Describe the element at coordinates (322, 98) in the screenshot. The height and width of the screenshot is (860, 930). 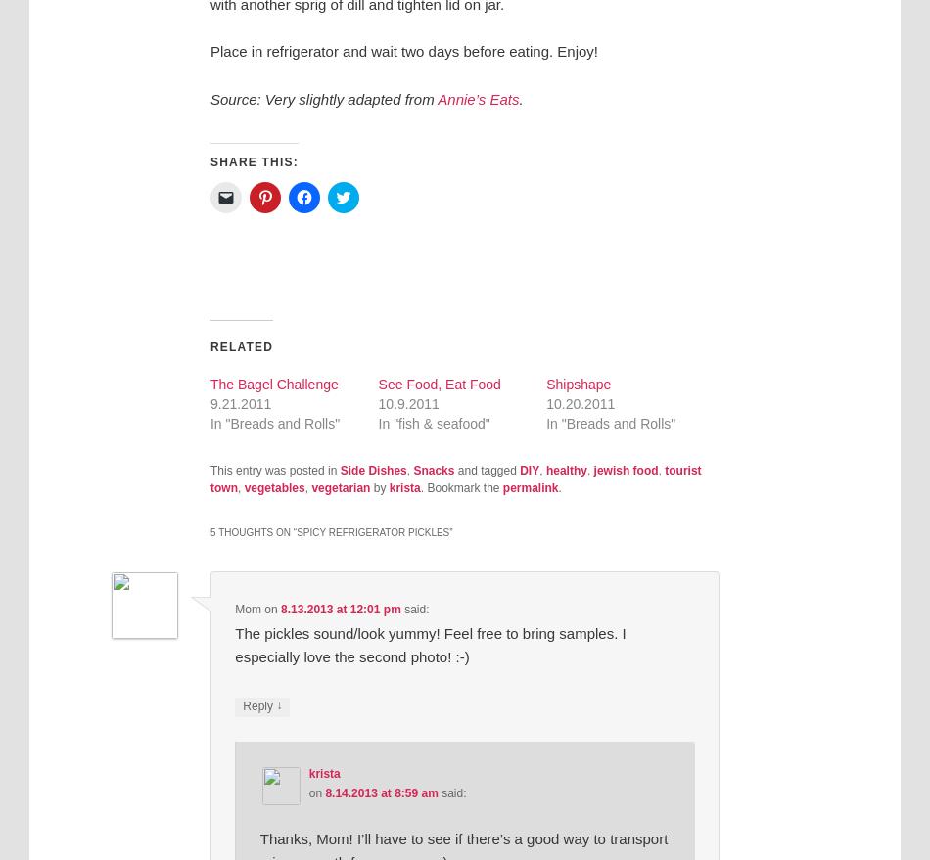
I see `'Source: Very slightly adapted from'` at that location.